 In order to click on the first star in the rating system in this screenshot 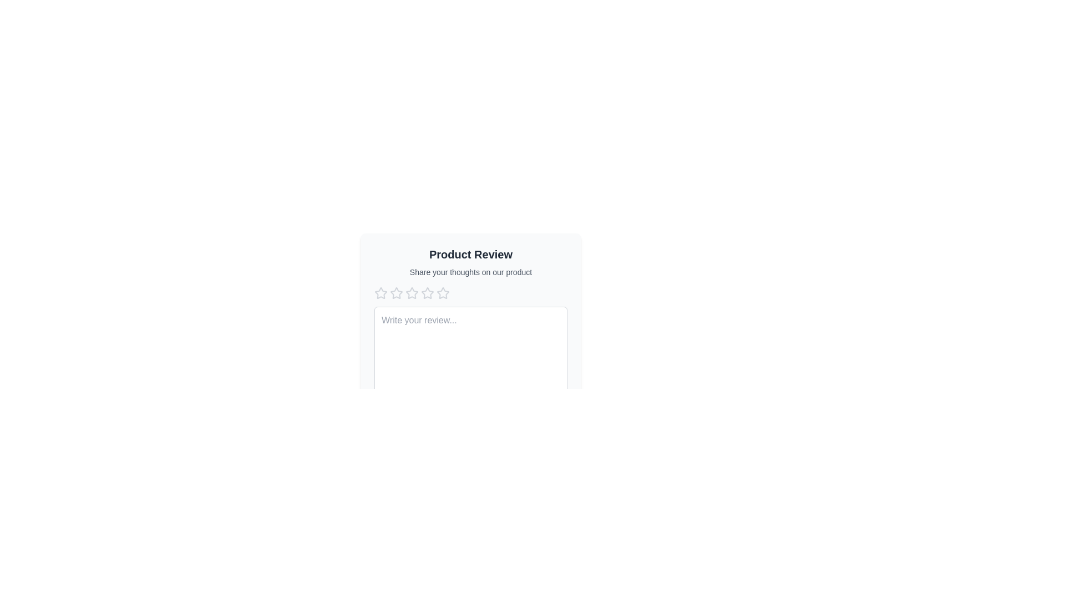, I will do `click(381, 292)`.